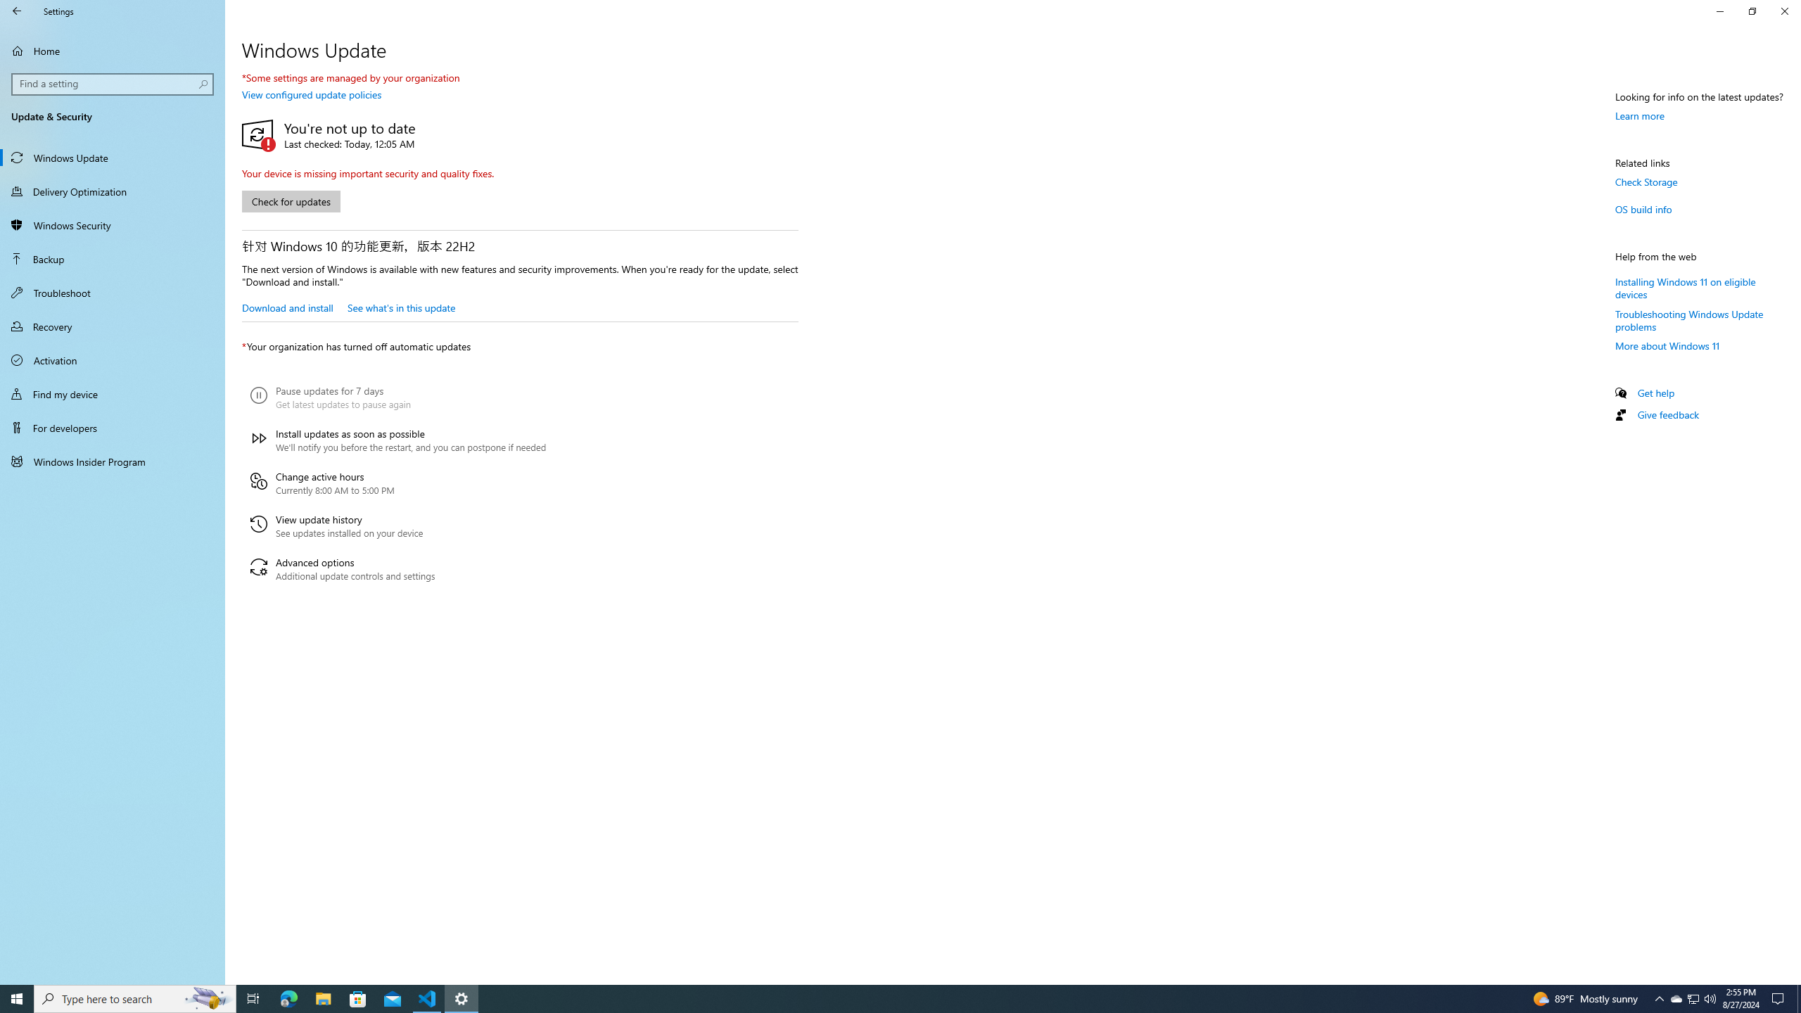 The image size is (1801, 1013). What do you see at coordinates (1719, 11) in the screenshot?
I see `'Minimize Settings'` at bounding box center [1719, 11].